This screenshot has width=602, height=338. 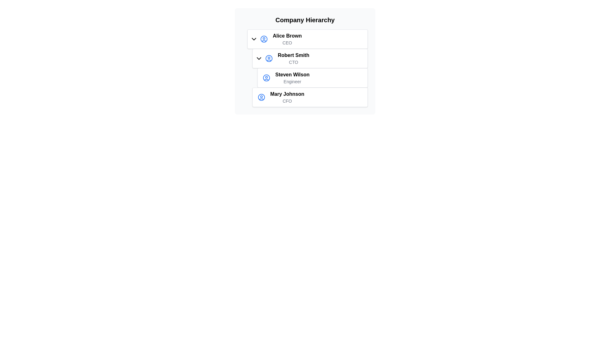 What do you see at coordinates (292, 81) in the screenshot?
I see `text label 'Engineer' located below the name 'Steven Wilson' in the 'Company Hierarchy' section` at bounding box center [292, 81].